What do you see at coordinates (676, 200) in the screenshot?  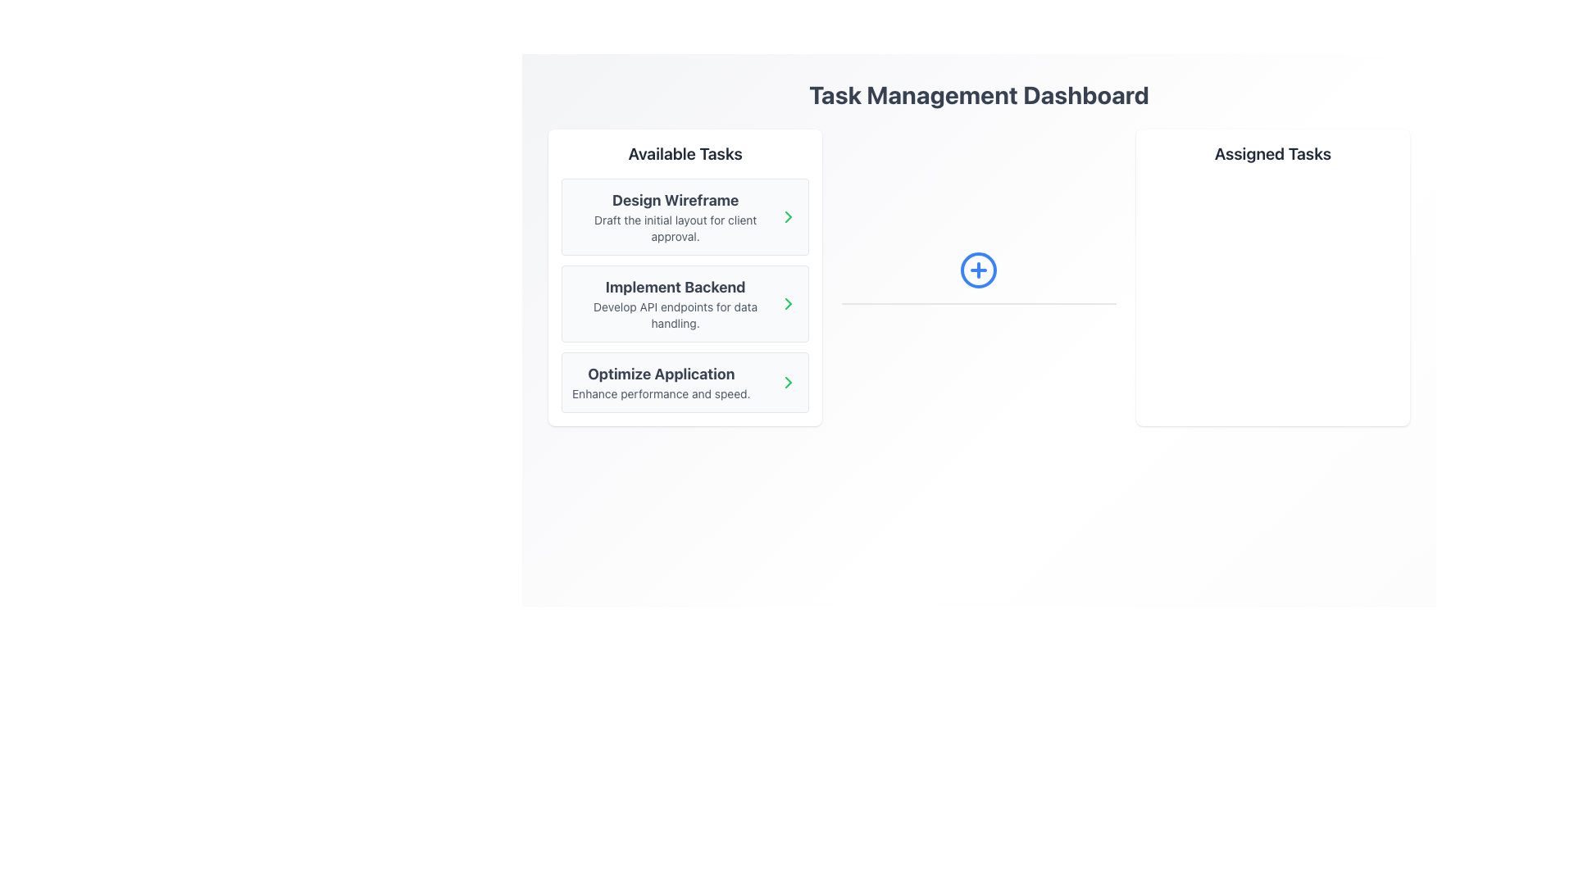 I see `text label that displays 'Design Wireframe', which is the title of the first task in the 'Available Tasks' section` at bounding box center [676, 200].